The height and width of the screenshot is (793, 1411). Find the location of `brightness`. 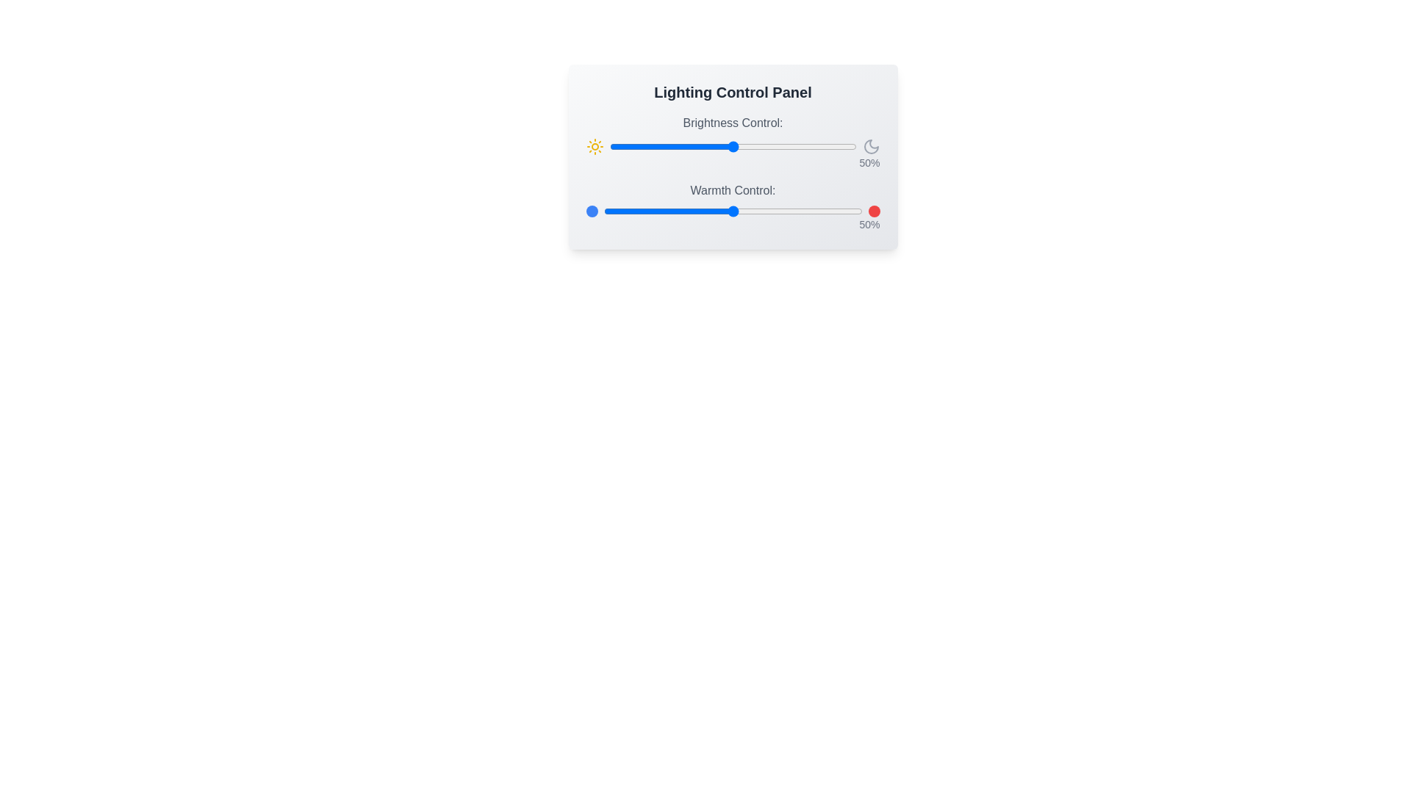

brightness is located at coordinates (730, 147).